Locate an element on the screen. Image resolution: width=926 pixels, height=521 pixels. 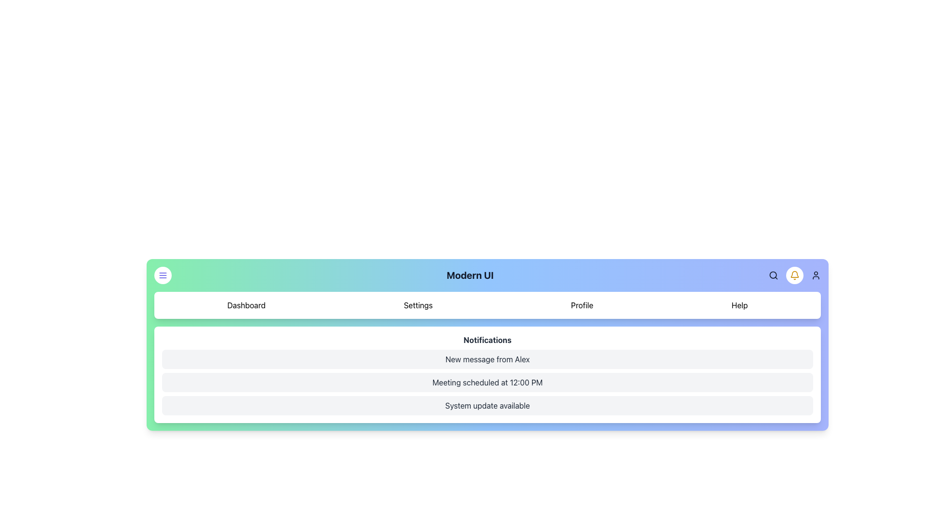
the 'Dashboard' text button located in the top-left portion of the menu bar is located at coordinates (246, 305).